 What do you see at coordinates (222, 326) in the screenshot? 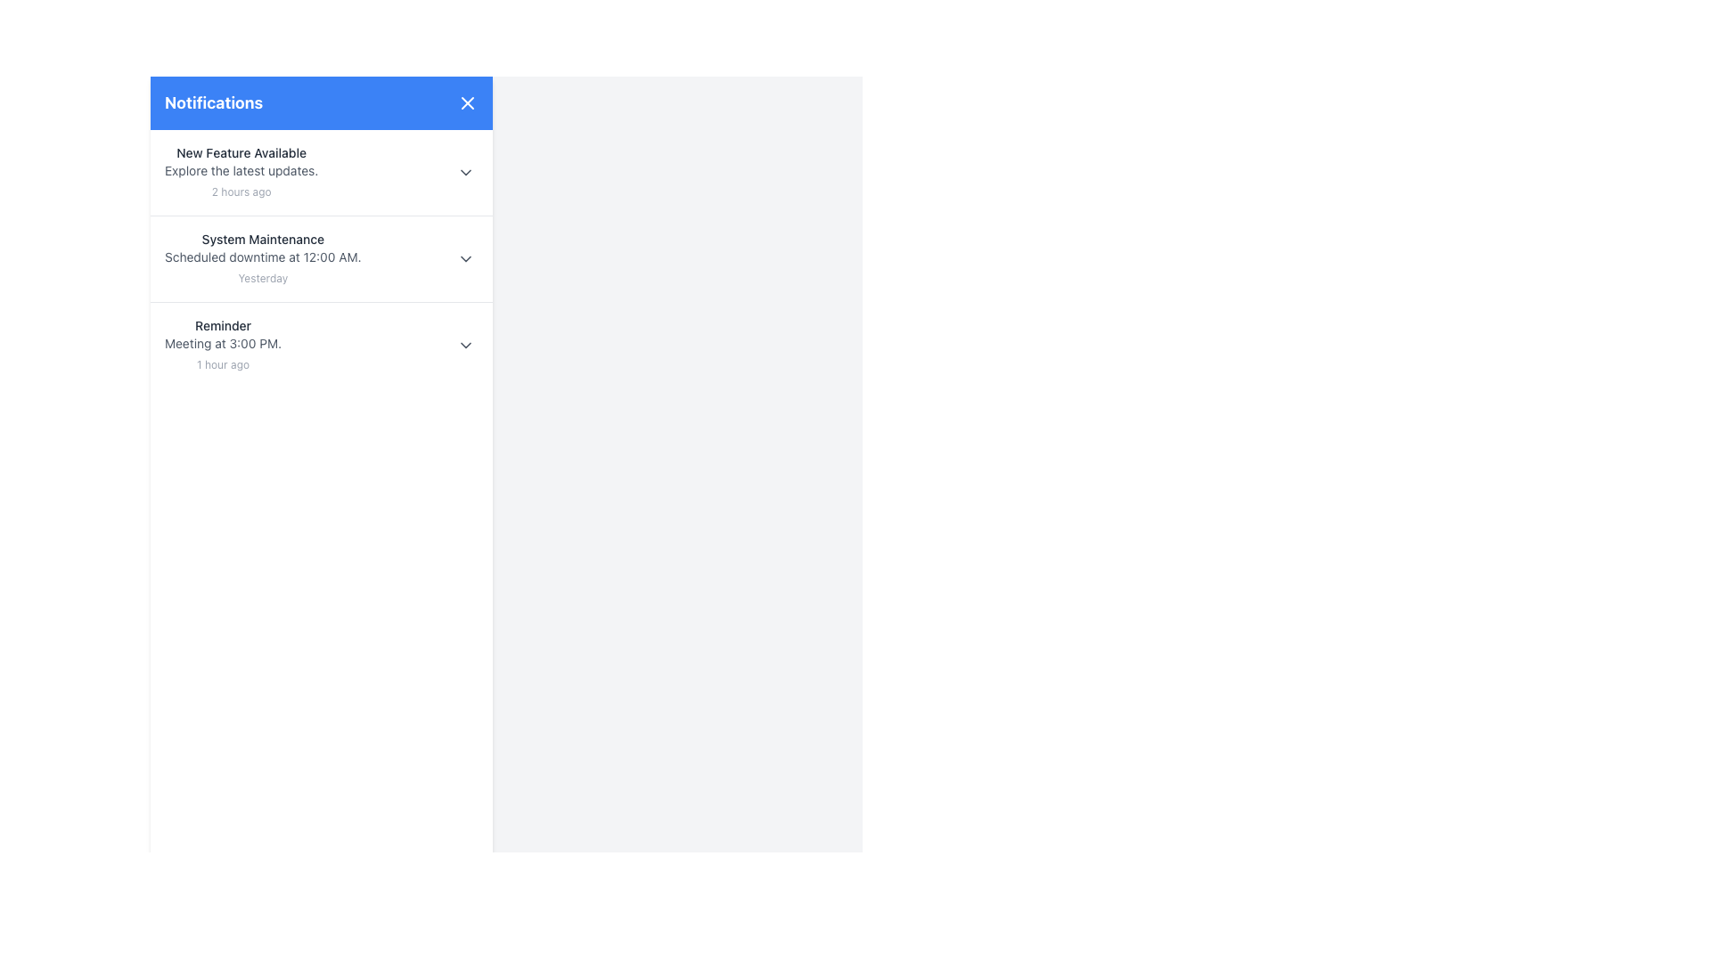
I see `the title text label of the notification card, which is located in the top-left corner above the meeting time and past notification text` at bounding box center [222, 326].